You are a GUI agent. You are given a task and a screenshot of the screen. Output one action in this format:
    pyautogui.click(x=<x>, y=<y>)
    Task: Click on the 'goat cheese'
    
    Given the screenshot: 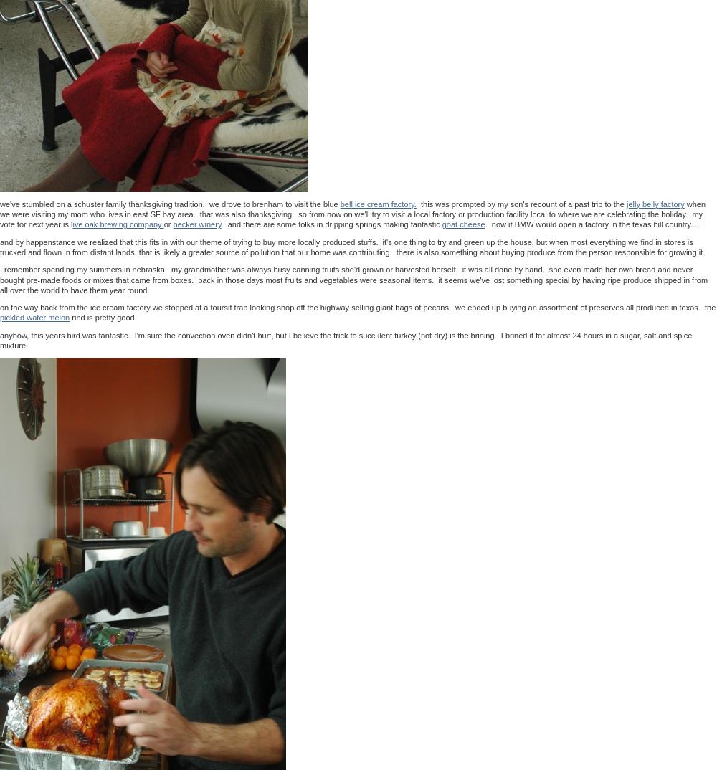 What is the action you would take?
    pyautogui.click(x=463, y=224)
    